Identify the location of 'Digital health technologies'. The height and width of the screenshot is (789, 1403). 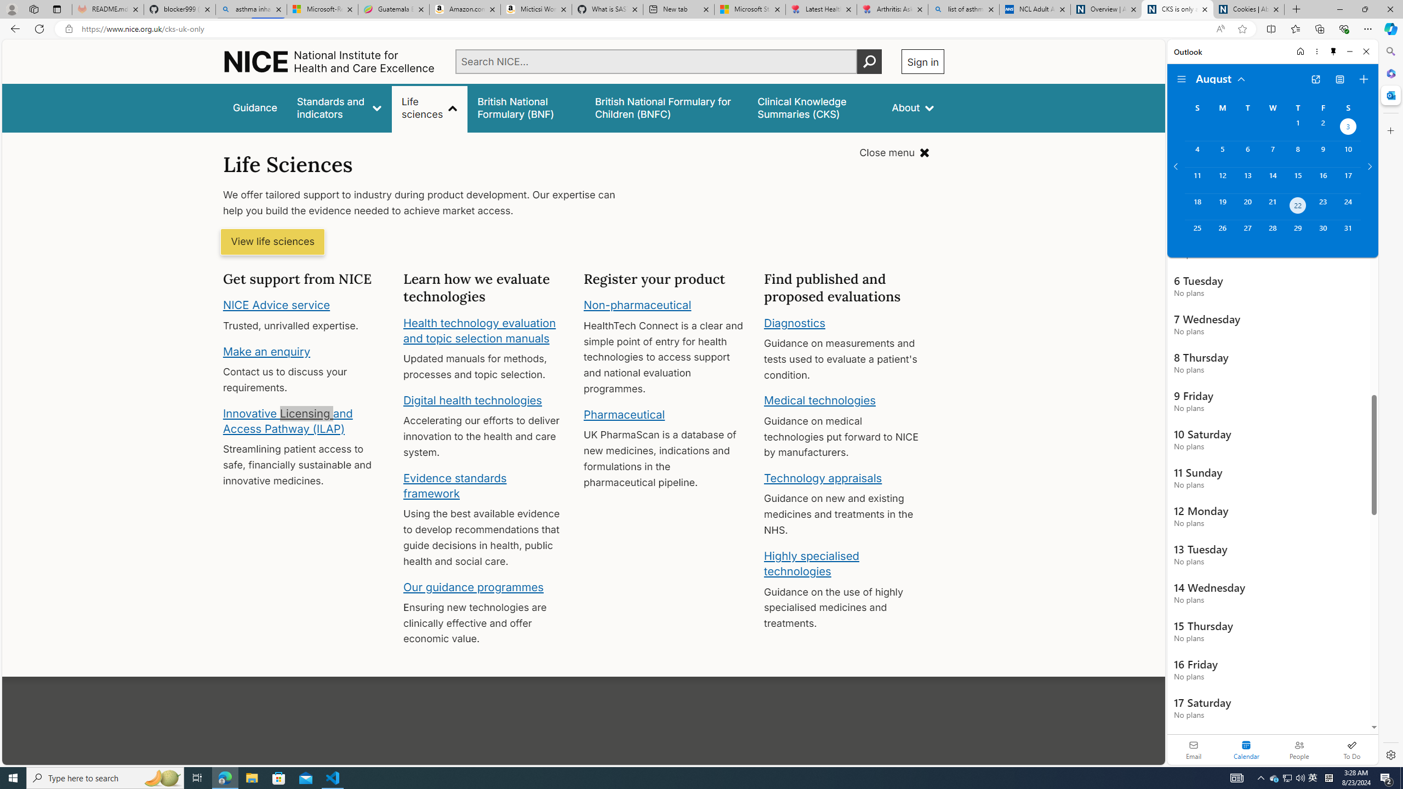
(472, 399).